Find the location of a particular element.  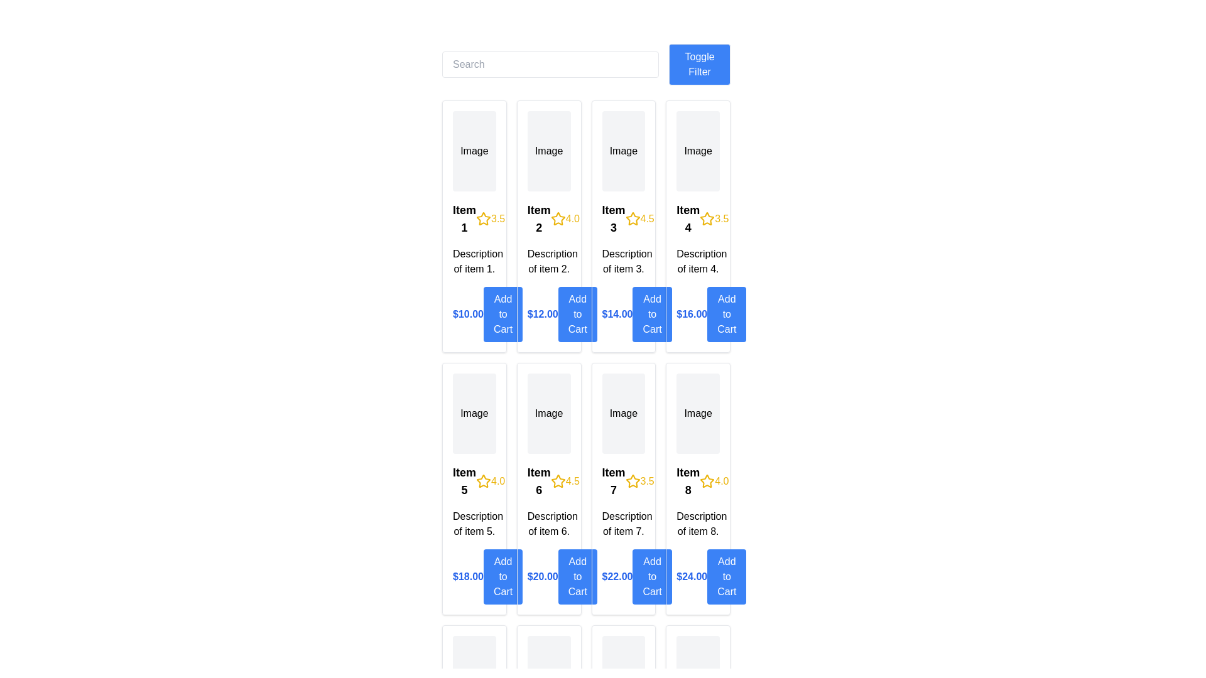

the Rating display element positioned next to 'Item 2' at the top-center of the layout is located at coordinates (564, 218).